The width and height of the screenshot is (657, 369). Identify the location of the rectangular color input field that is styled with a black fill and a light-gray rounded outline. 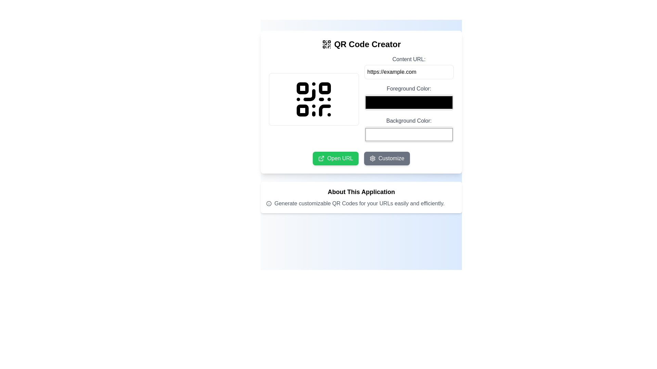
(409, 102).